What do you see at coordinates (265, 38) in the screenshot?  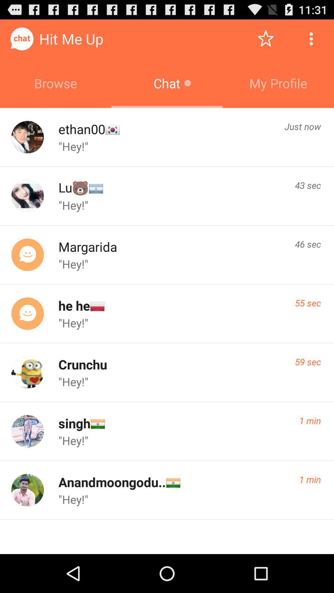 I see `the item above my profile icon` at bounding box center [265, 38].